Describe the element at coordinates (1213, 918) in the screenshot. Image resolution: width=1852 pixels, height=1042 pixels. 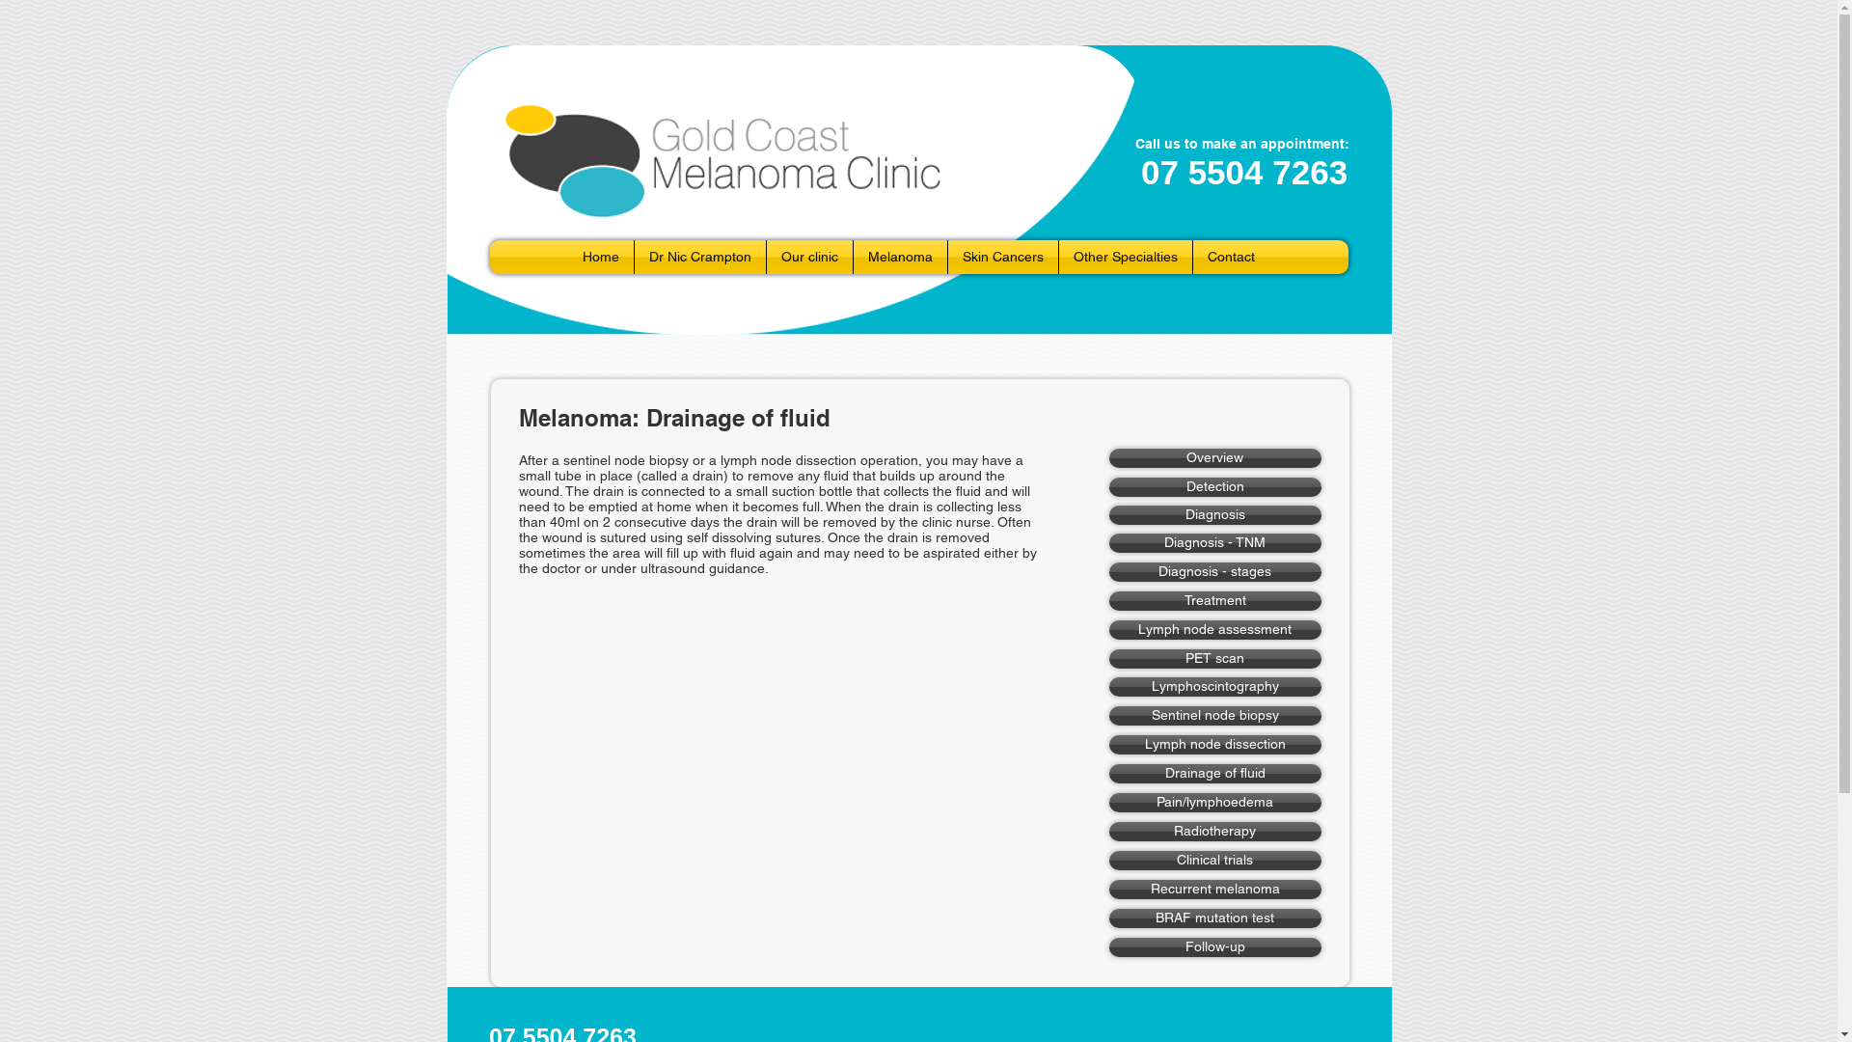
I see `'BRAF mutation test'` at that location.